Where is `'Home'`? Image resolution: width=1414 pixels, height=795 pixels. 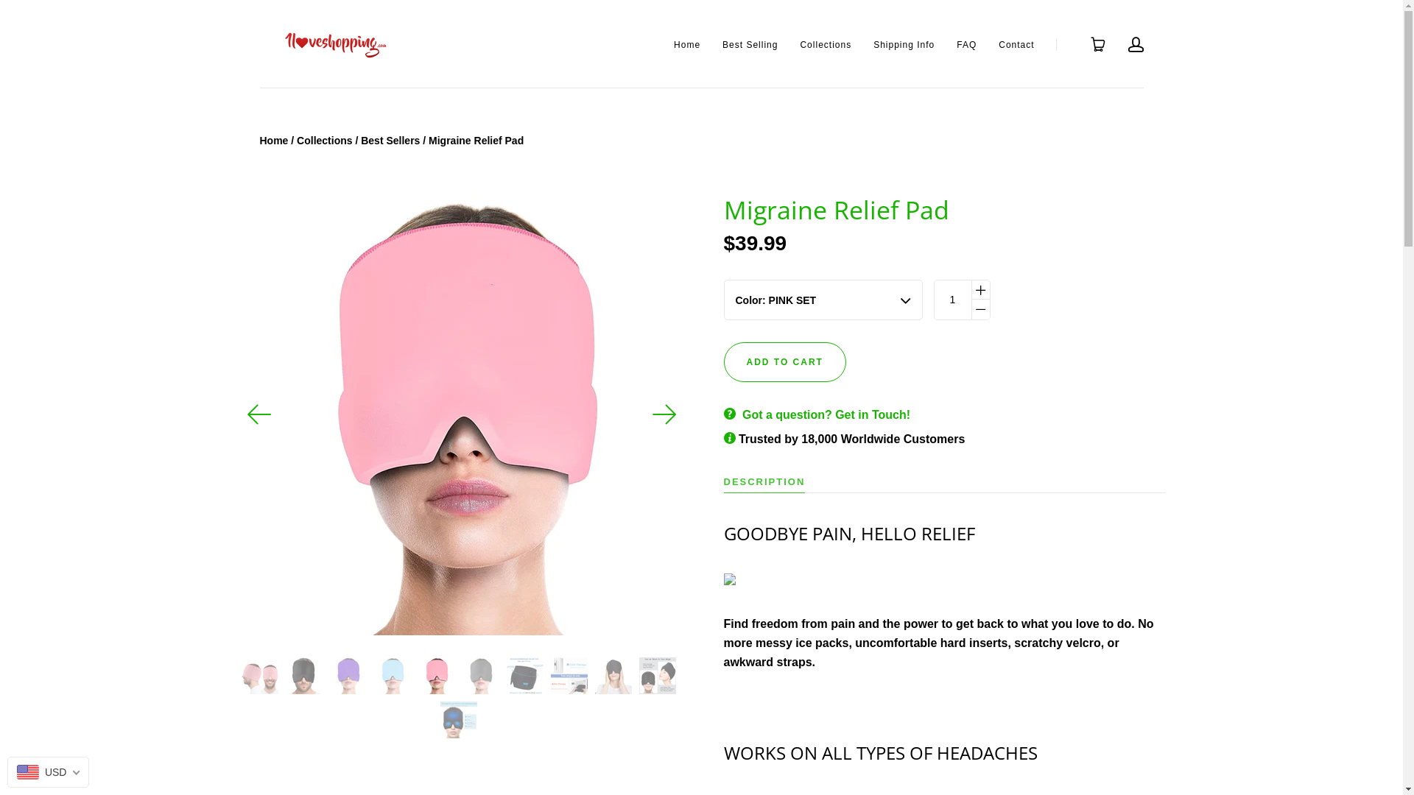
'Home' is located at coordinates (686, 44).